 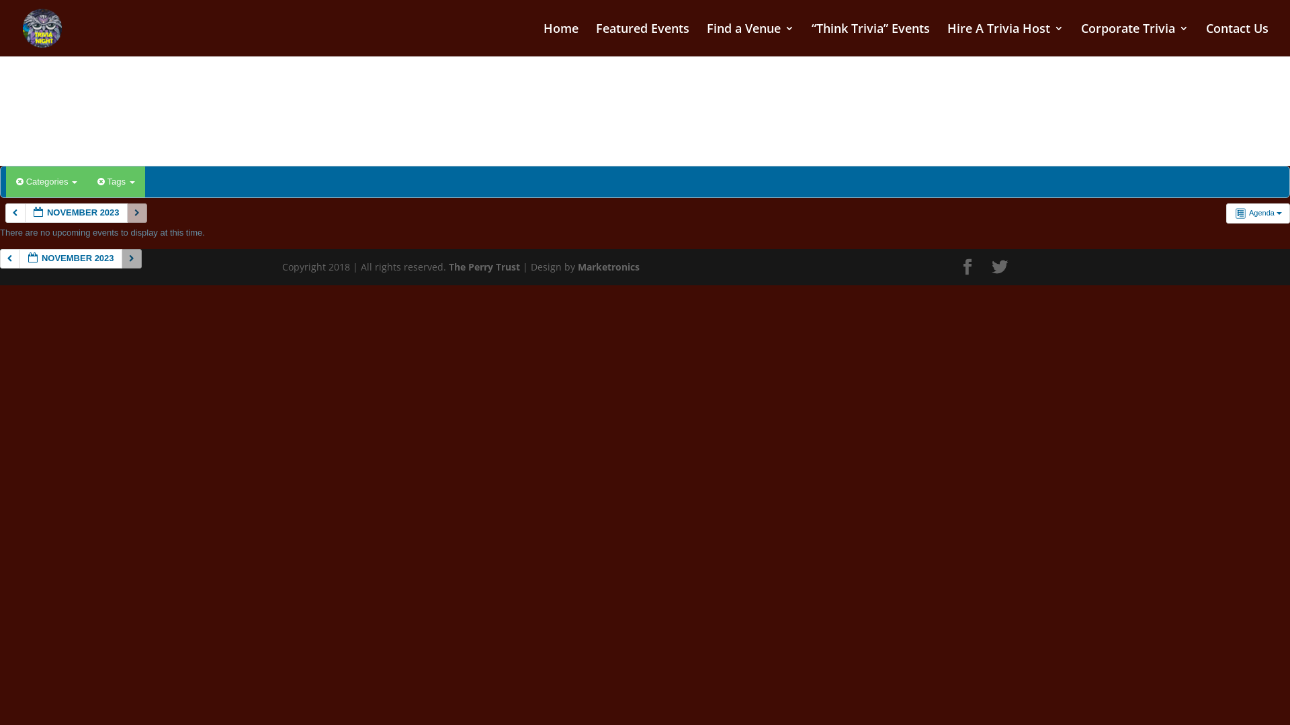 I want to click on 'Home', so click(x=561, y=39).